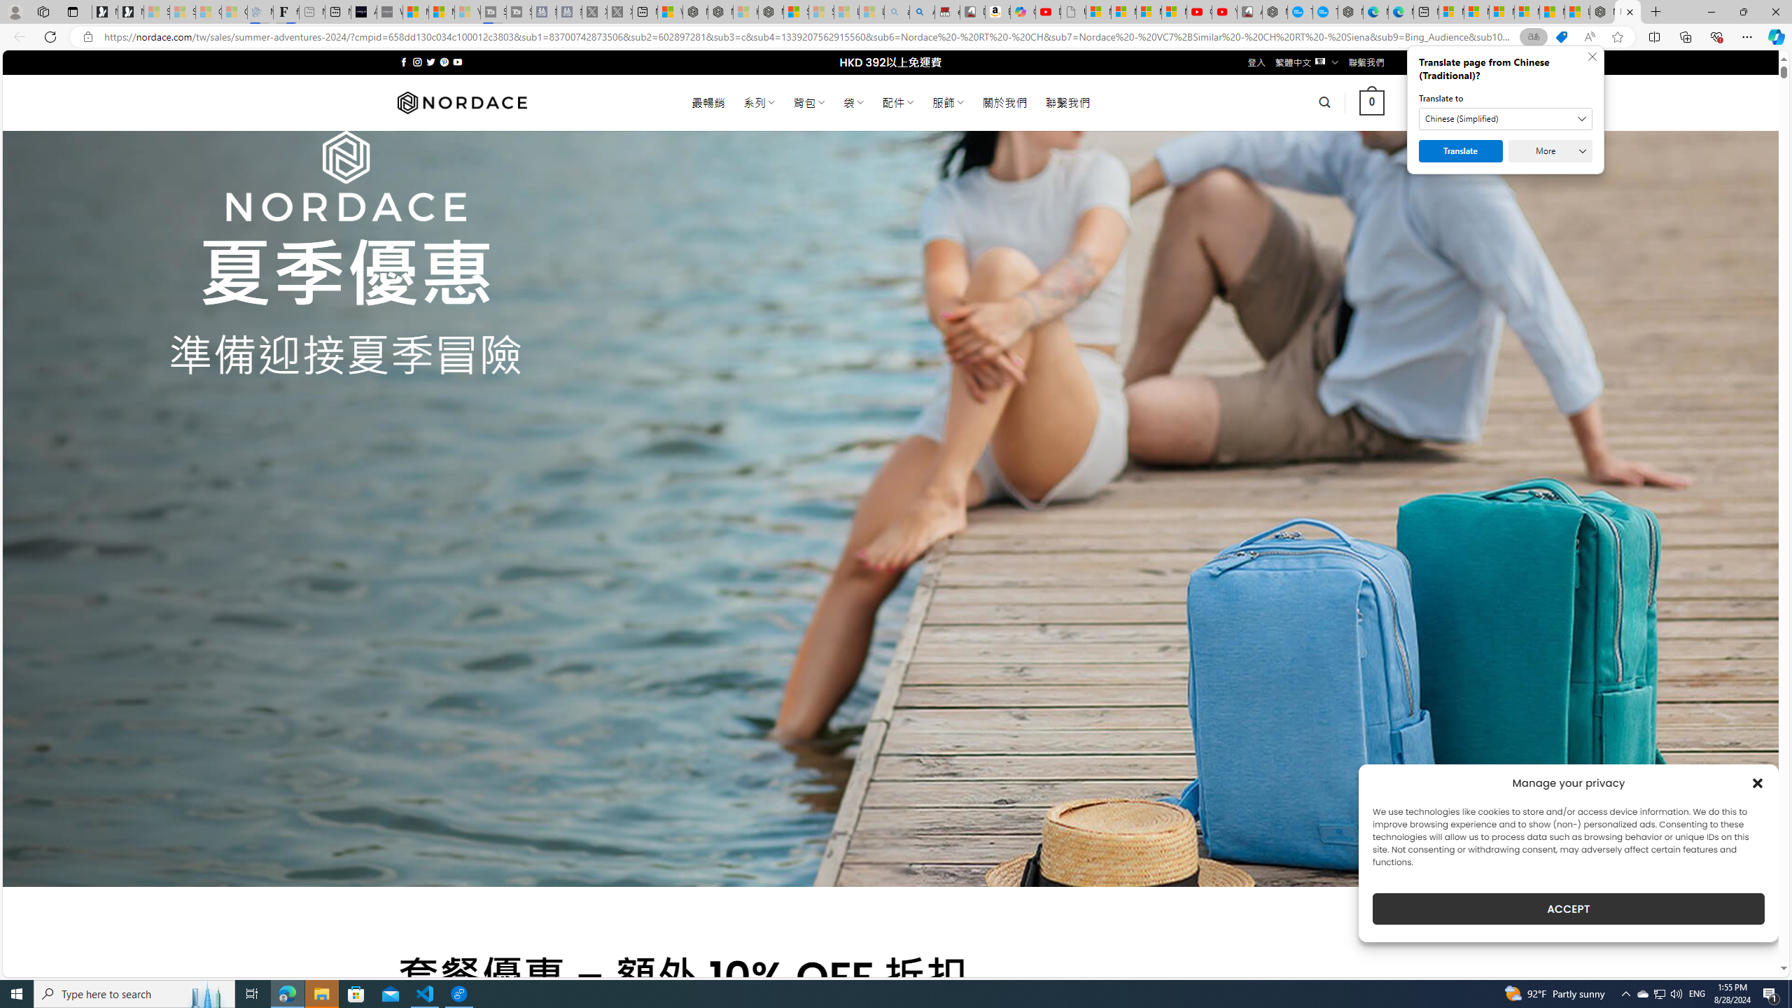 This screenshot has width=1792, height=1008. What do you see at coordinates (403, 62) in the screenshot?
I see `'Follow on Facebook'` at bounding box center [403, 62].